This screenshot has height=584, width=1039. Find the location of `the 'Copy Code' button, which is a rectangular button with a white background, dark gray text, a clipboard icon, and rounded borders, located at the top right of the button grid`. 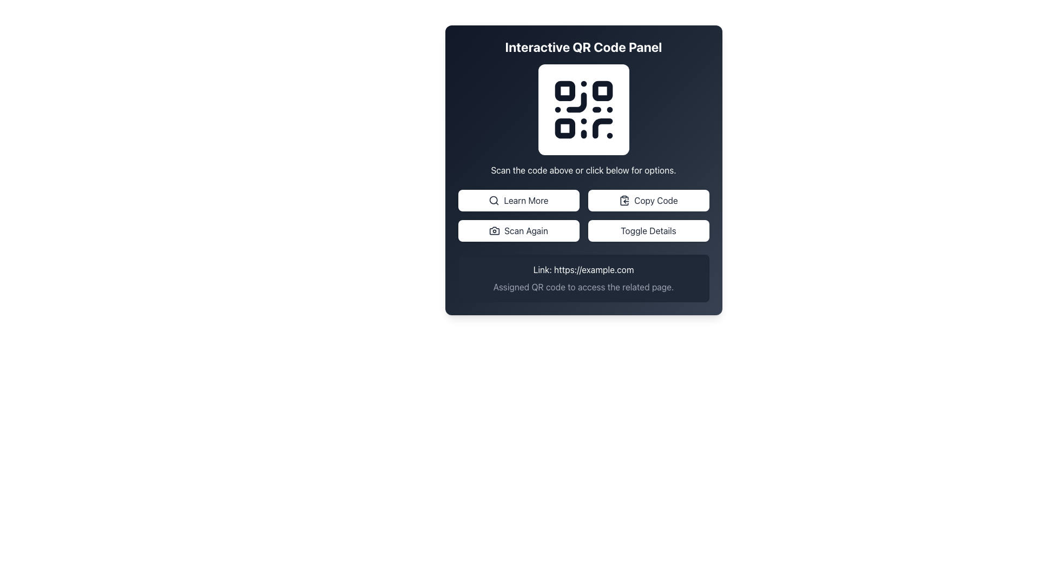

the 'Copy Code' button, which is a rectangular button with a white background, dark gray text, a clipboard icon, and rounded borders, located at the top right of the button grid is located at coordinates (648, 200).